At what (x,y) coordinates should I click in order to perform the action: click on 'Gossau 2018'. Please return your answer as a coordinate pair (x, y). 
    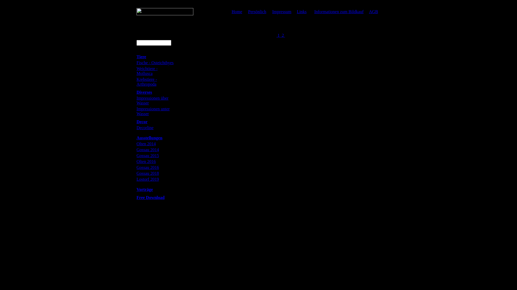
    Looking at the image, I should click on (137, 173).